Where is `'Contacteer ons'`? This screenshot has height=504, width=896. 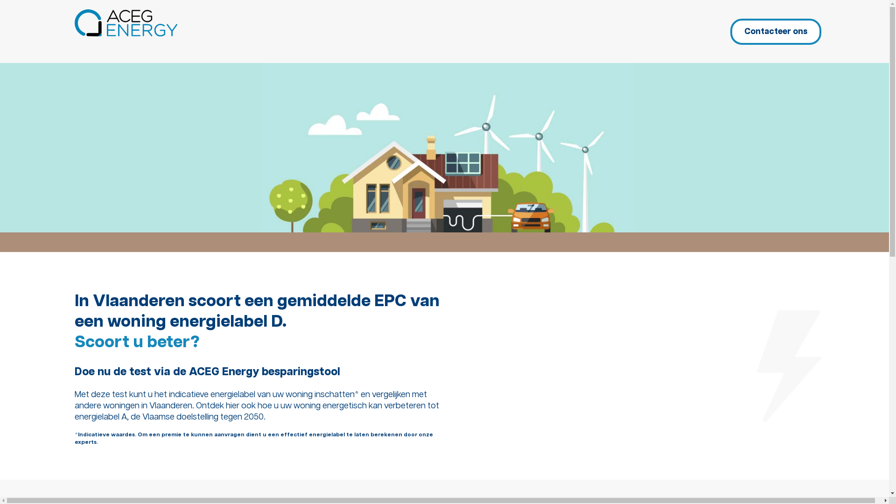 'Contacteer ons' is located at coordinates (729, 31).